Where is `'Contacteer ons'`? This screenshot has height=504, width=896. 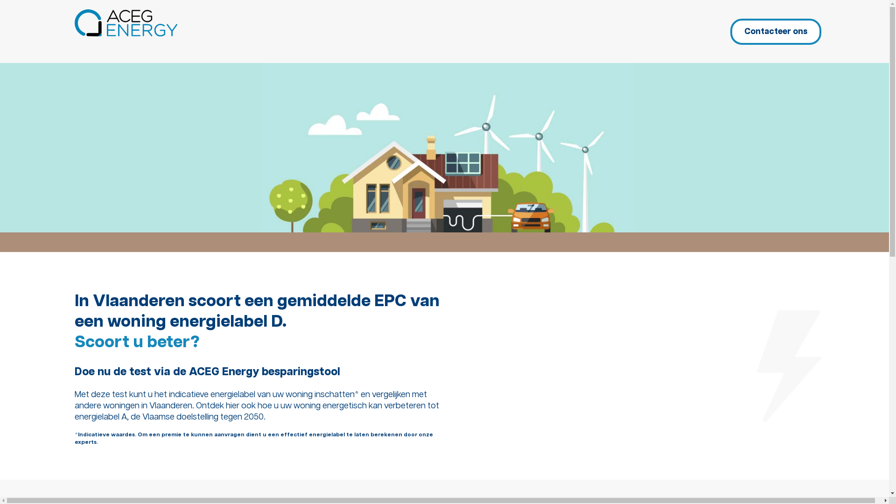 'Contacteer ons' is located at coordinates (729, 31).